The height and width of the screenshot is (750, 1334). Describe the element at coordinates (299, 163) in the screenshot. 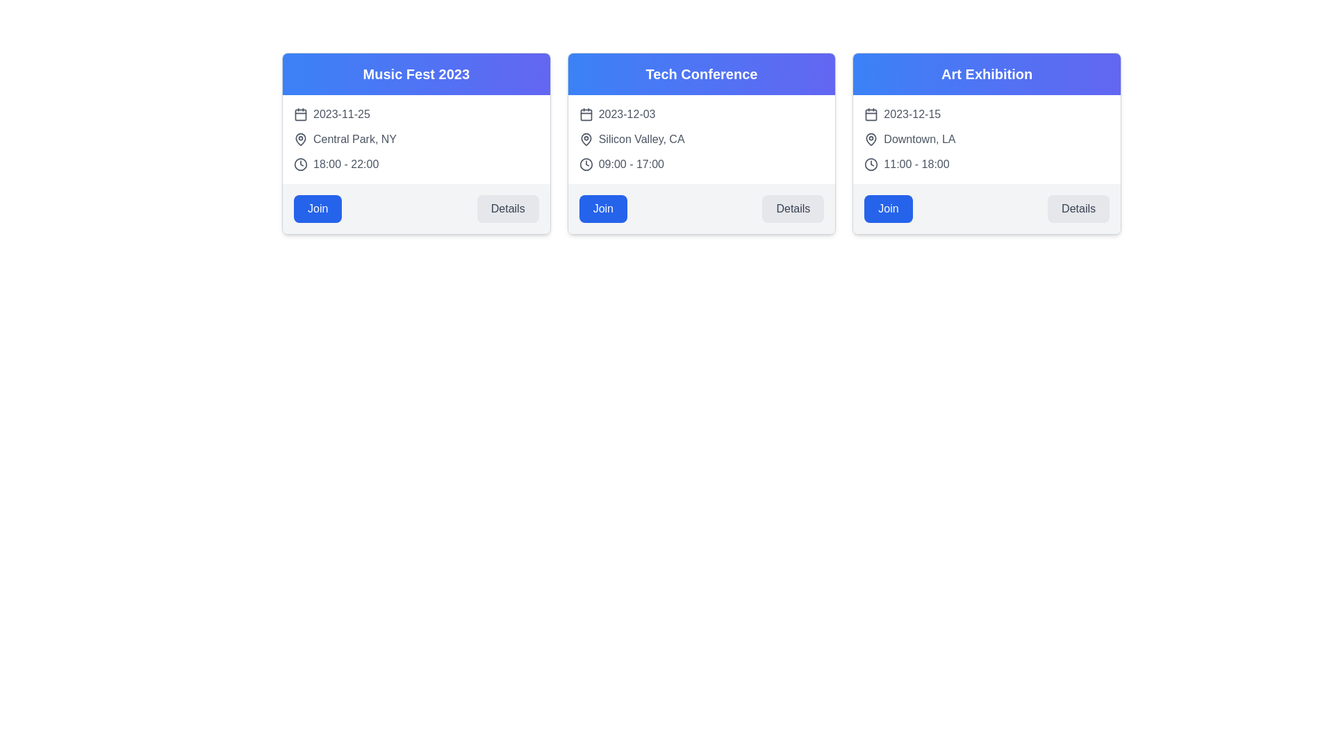

I see `the clock icon located in the 'Music Fest 2023' card, adjacent to the text '18:00 - 22:00'` at that location.